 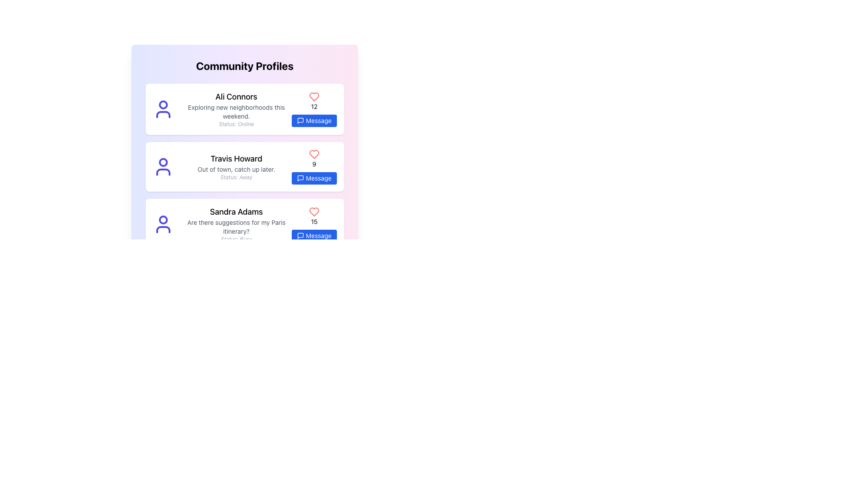 I want to click on the text display showing 'Ali Connors' in the first profile card of the 'Community Profiles' section, so click(x=236, y=108).